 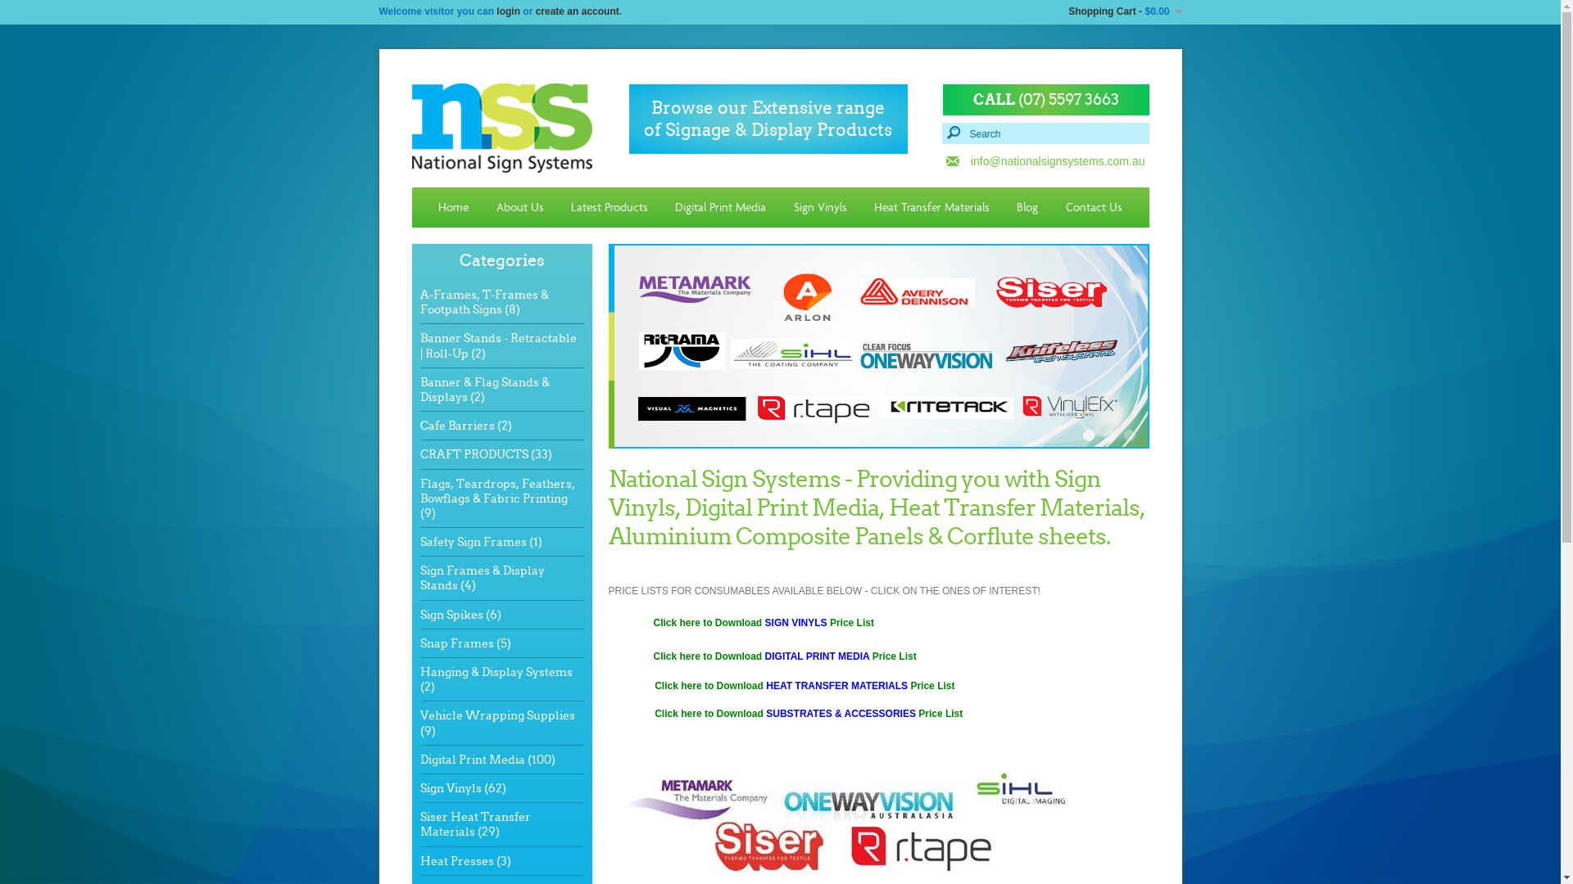 What do you see at coordinates (479, 542) in the screenshot?
I see `'Safety Sign Frames (1)'` at bounding box center [479, 542].